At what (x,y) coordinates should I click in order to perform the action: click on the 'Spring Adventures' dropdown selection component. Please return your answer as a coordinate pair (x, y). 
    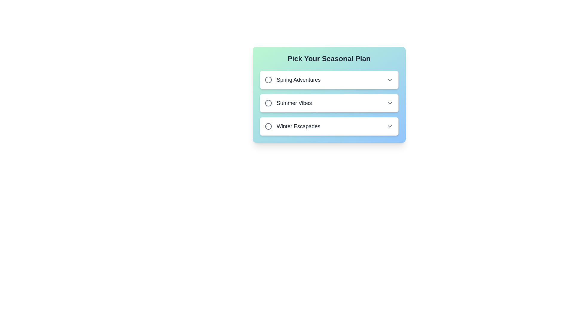
    Looking at the image, I should click on (329, 79).